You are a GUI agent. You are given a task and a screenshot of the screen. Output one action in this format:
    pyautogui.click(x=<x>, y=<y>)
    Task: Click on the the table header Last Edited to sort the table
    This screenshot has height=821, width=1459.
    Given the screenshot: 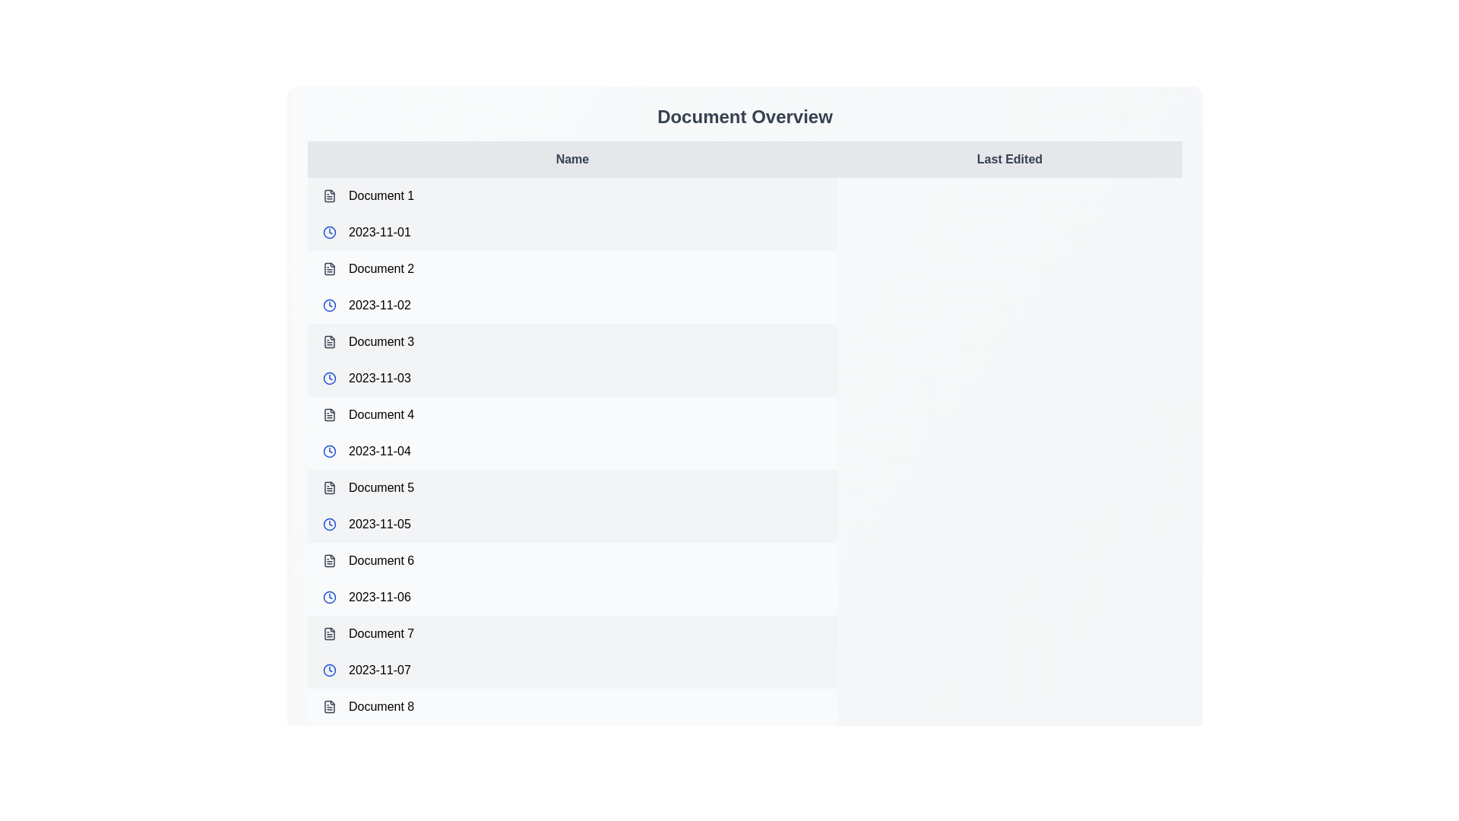 What is the action you would take?
    pyautogui.click(x=1010, y=159)
    